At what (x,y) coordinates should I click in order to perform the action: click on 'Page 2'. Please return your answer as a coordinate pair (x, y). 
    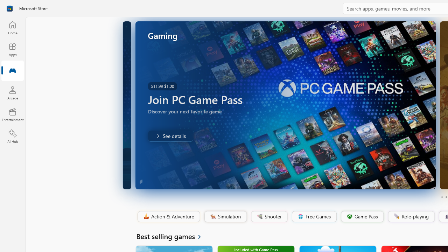
    Looking at the image, I should click on (446, 197).